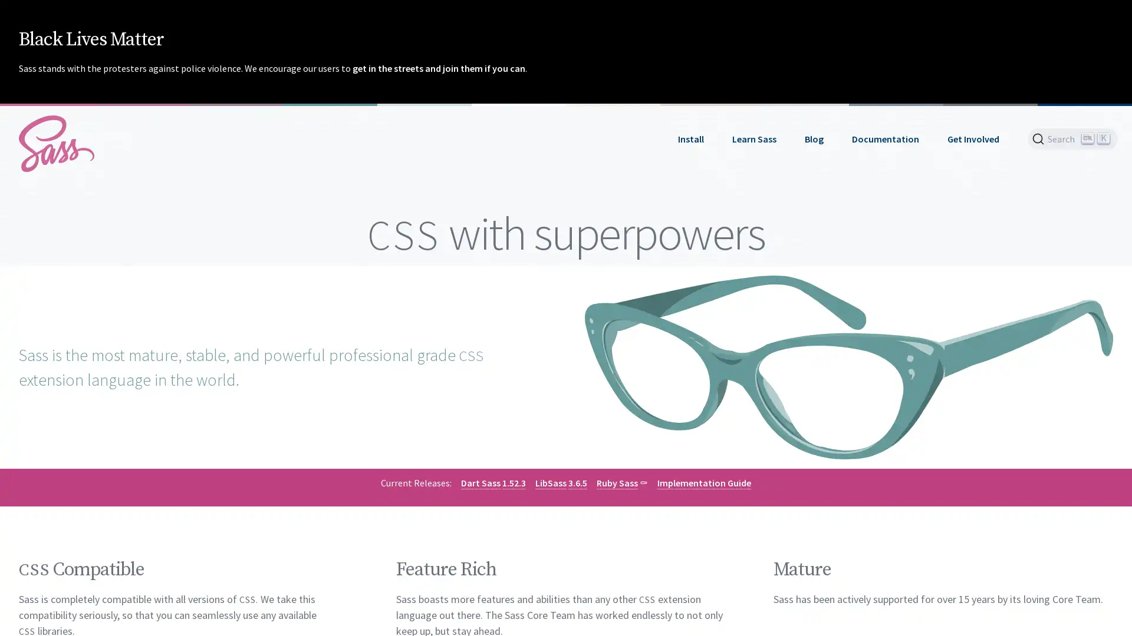 The width and height of the screenshot is (1132, 636). What do you see at coordinates (1072, 138) in the screenshot?
I see `Search` at bounding box center [1072, 138].